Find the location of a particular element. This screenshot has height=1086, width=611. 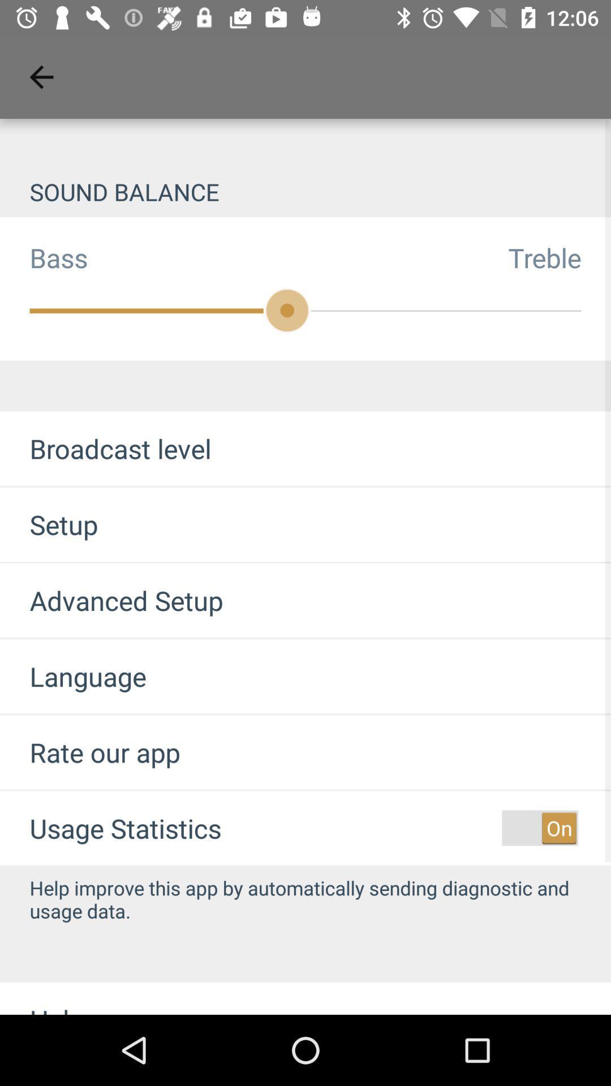

treble item is located at coordinates (559, 257).